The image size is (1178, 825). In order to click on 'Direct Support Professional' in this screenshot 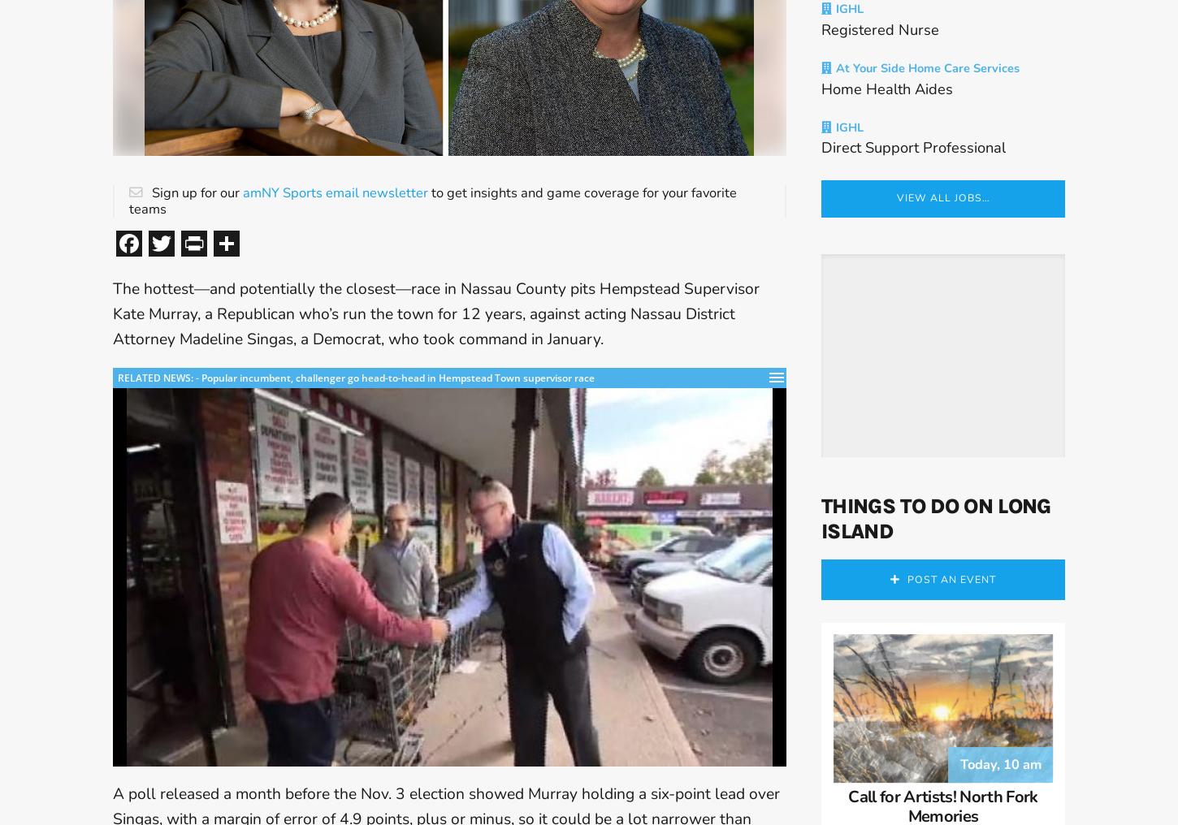, I will do `click(912, 153)`.